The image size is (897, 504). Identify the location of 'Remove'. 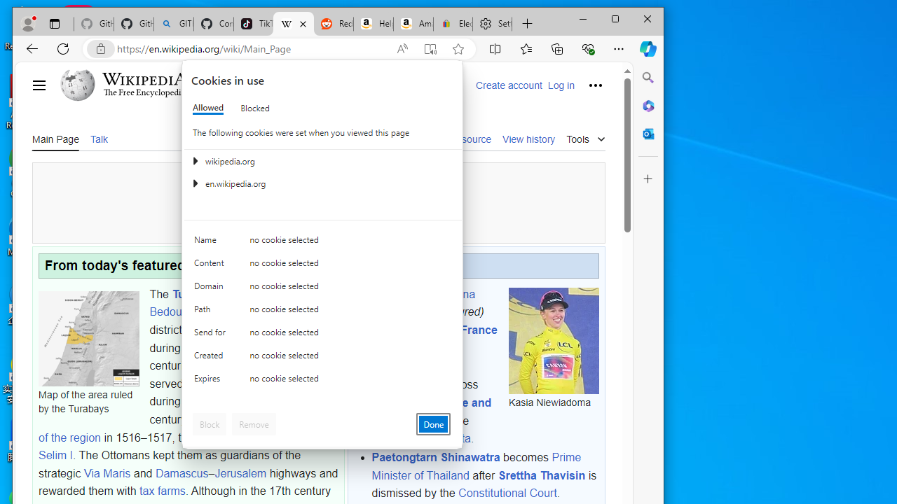
(254, 423).